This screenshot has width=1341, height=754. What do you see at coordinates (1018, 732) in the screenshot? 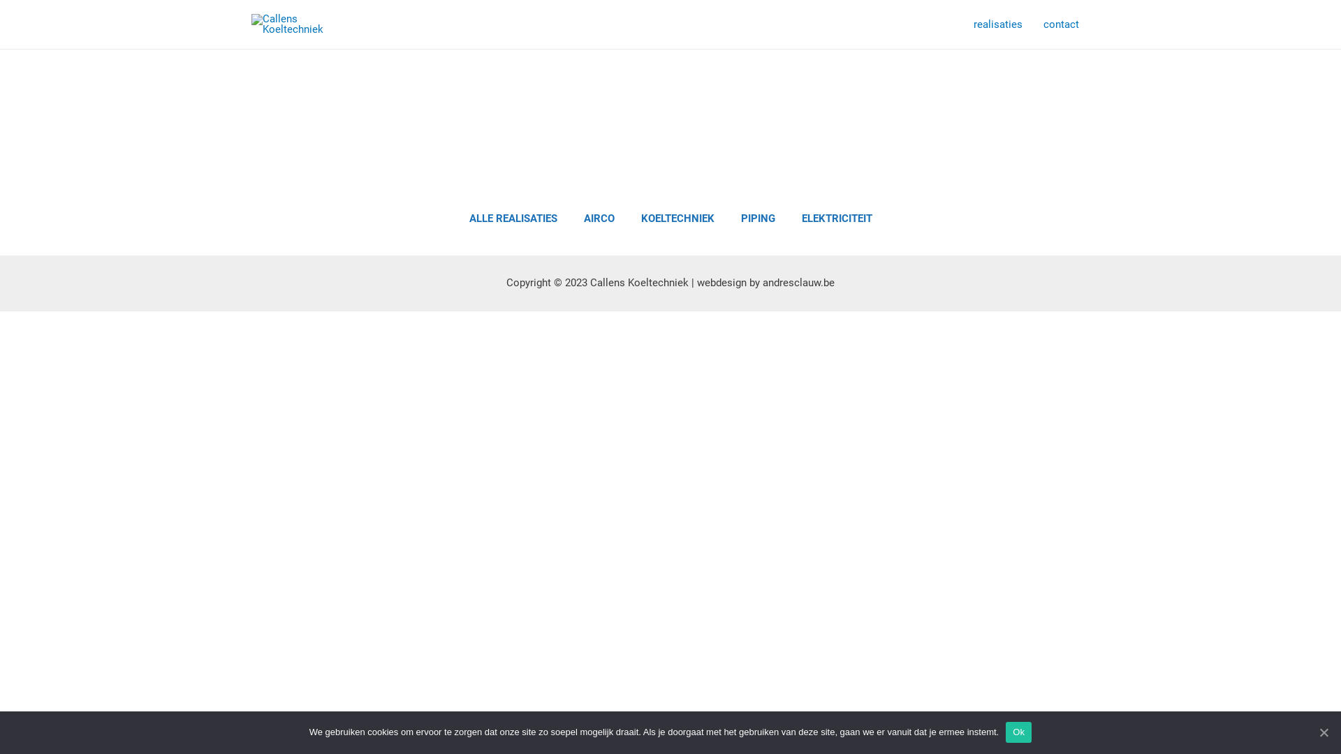
I see `'Ok'` at bounding box center [1018, 732].